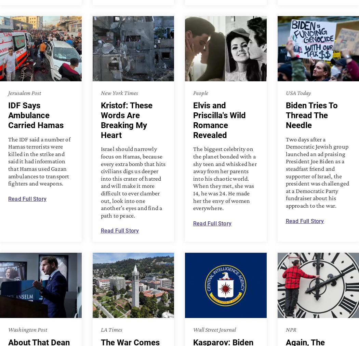 This screenshot has height=346, width=359. What do you see at coordinates (111, 329) in the screenshot?
I see `'LA Times'` at bounding box center [111, 329].